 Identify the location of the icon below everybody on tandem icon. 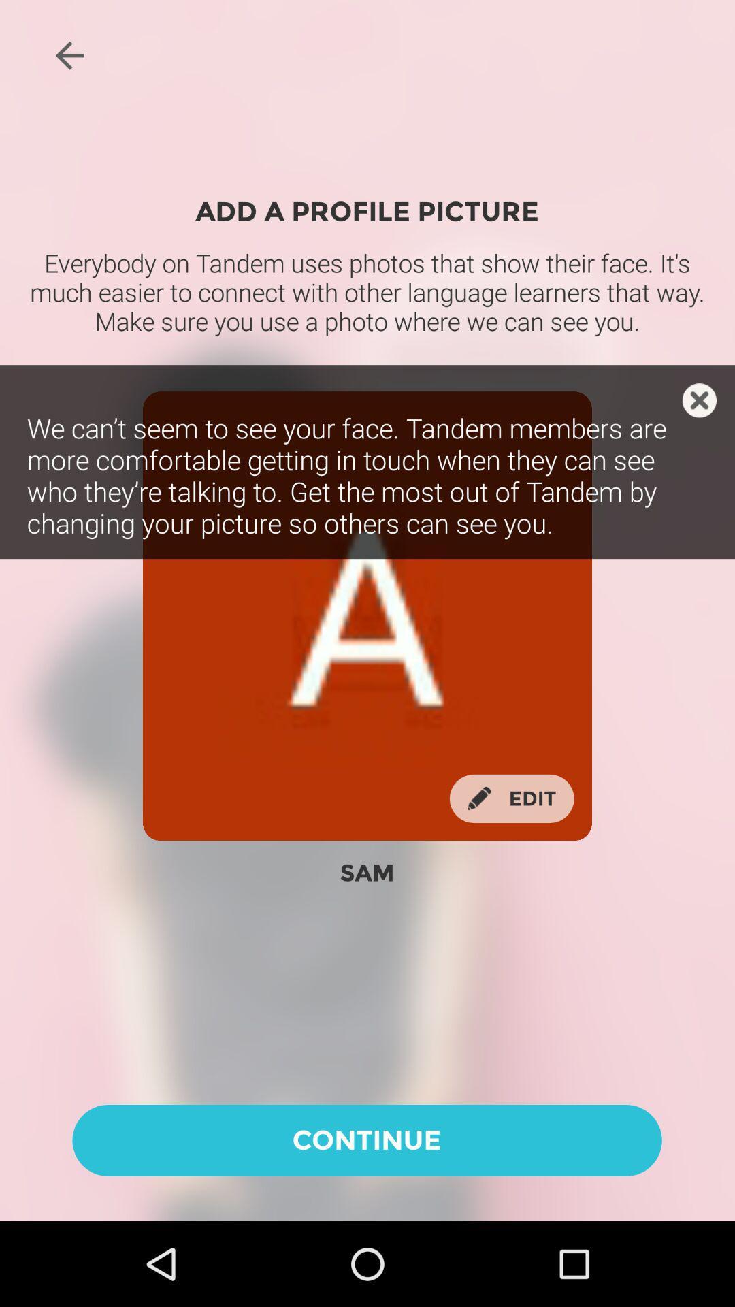
(699, 400).